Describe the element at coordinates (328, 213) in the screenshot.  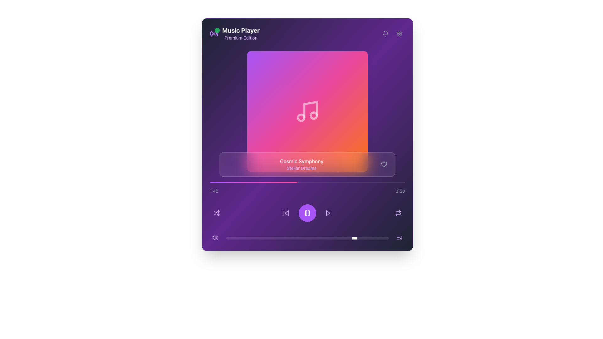
I see `the forward-skip button, which is a vibrant purple triangle pointing to the right with a vertical bar beside it, located at the bottom center of the interface` at that location.